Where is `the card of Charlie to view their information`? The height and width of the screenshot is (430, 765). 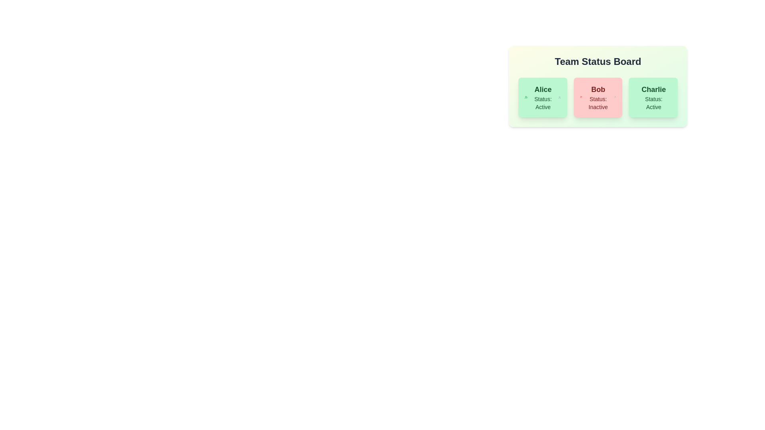
the card of Charlie to view their information is located at coordinates (653, 97).